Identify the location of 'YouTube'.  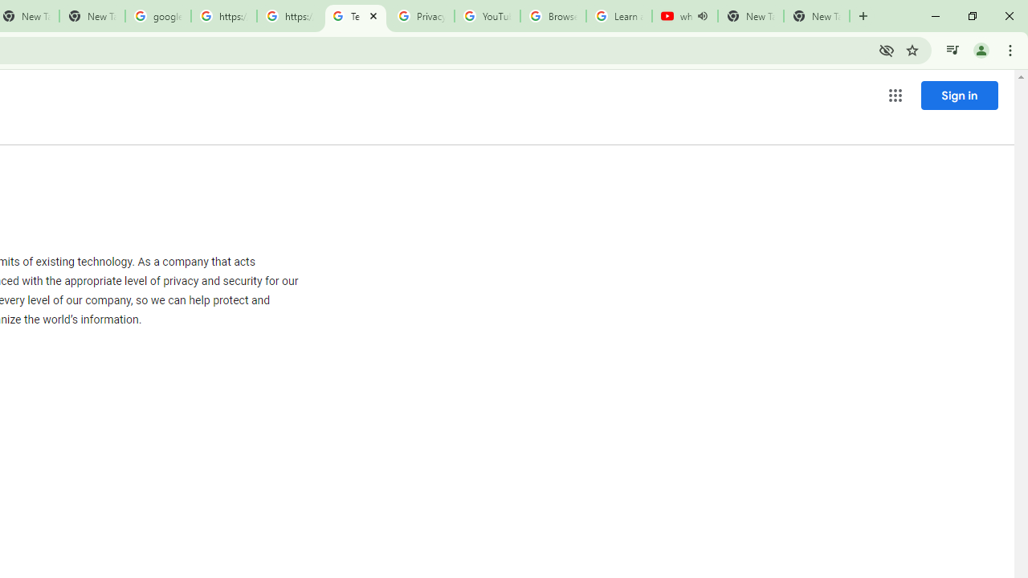
(486, 16).